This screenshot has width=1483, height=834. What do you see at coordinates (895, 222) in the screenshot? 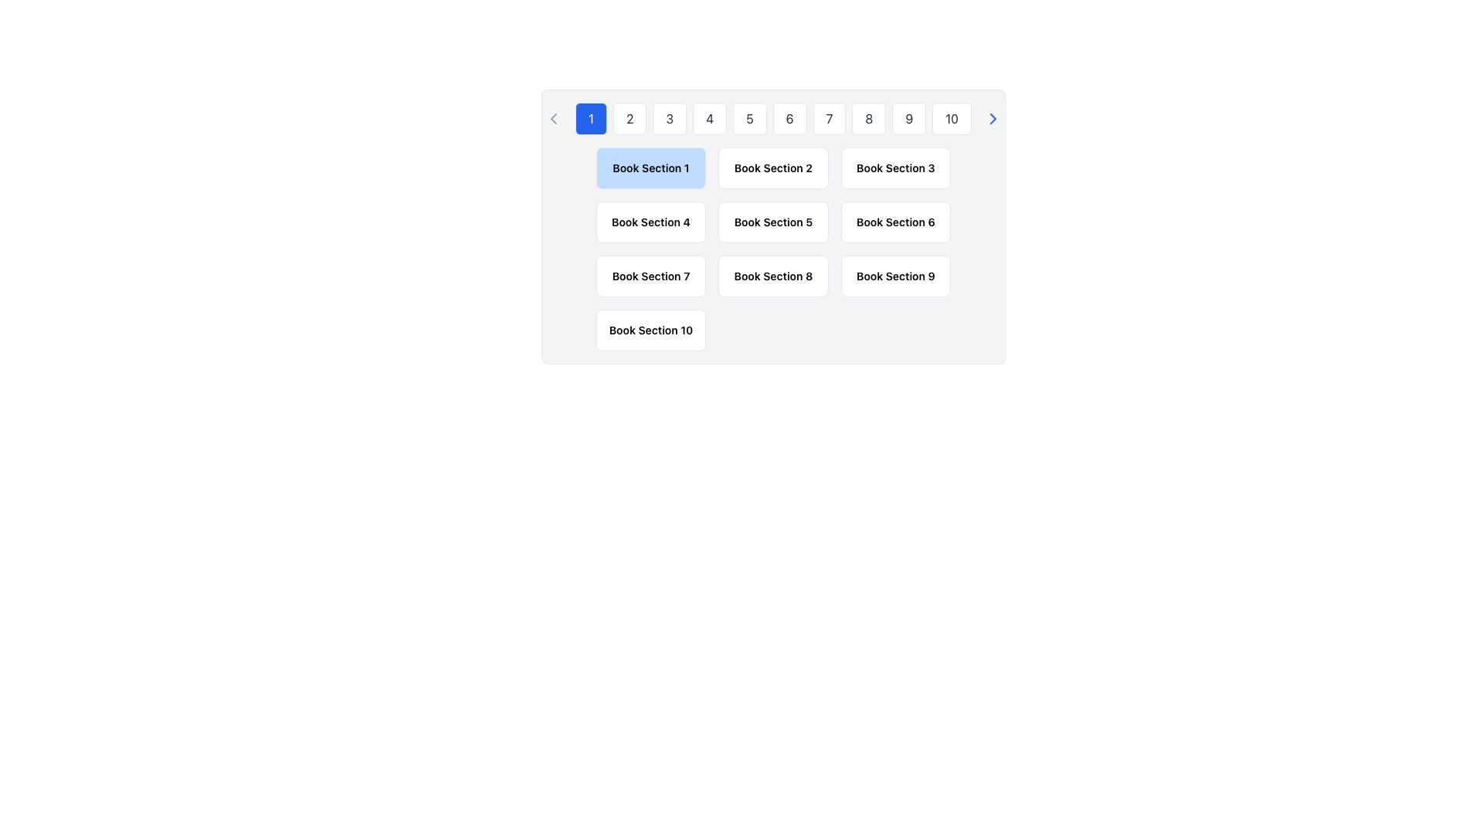
I see `the text label displaying 'Book Section 6', which is centrally located in the third row of a grid layout, styled with a dark font on a light background` at bounding box center [895, 222].